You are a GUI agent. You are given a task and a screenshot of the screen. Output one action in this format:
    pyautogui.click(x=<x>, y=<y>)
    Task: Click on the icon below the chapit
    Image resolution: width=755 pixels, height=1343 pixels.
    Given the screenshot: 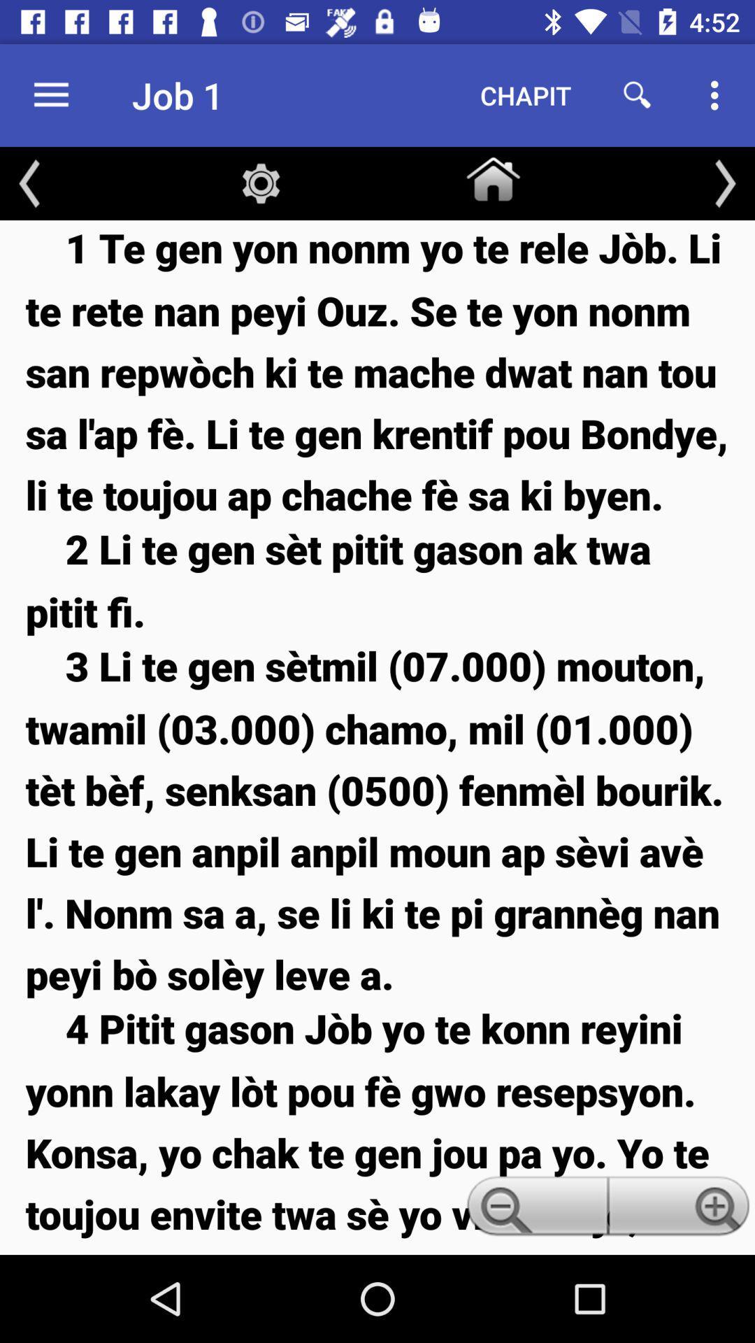 What is the action you would take?
    pyautogui.click(x=492, y=176)
    